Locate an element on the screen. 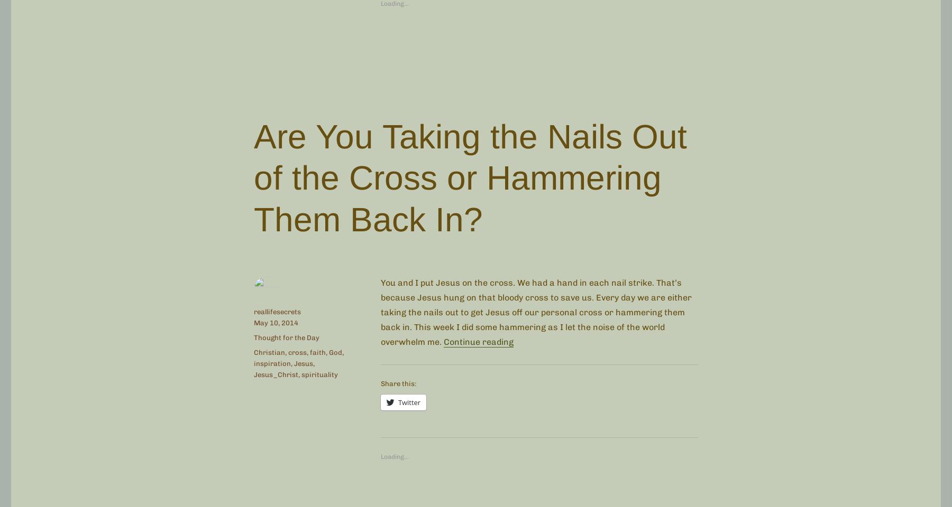 This screenshot has width=952, height=507. 'Are You Taking the Nails Out of the Cross or Hammering Them Back In?' is located at coordinates (470, 177).